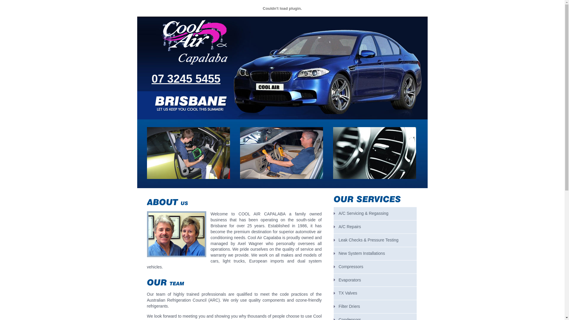 This screenshot has height=320, width=569. I want to click on 'Filter Driers', so click(334, 306).